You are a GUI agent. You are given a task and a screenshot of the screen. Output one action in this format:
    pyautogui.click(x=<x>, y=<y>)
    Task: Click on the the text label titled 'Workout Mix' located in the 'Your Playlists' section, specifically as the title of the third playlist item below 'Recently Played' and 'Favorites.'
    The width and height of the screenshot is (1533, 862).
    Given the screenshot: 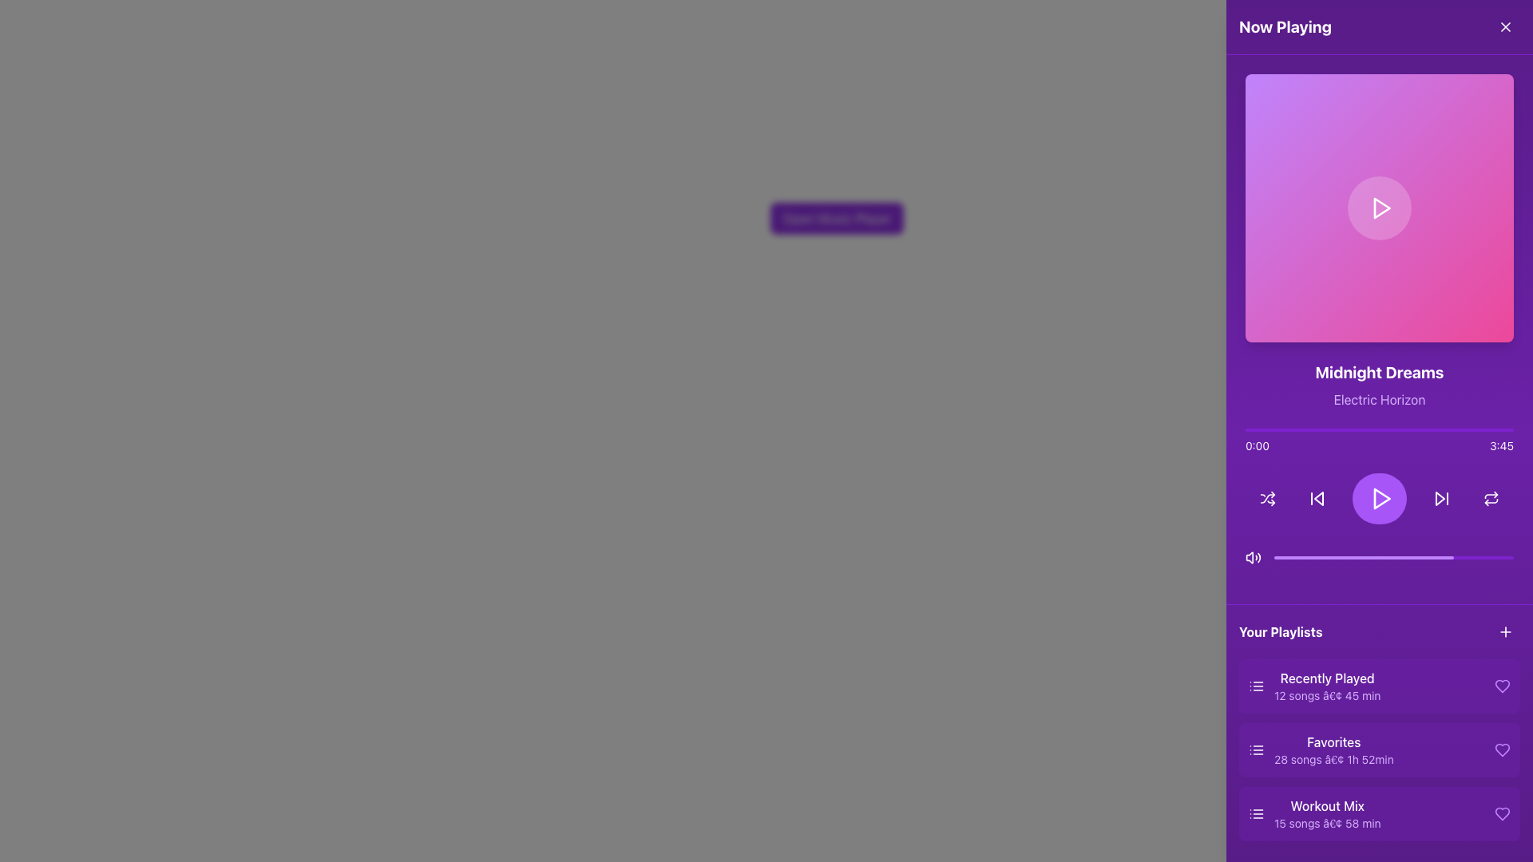 What is the action you would take?
    pyautogui.click(x=1327, y=806)
    